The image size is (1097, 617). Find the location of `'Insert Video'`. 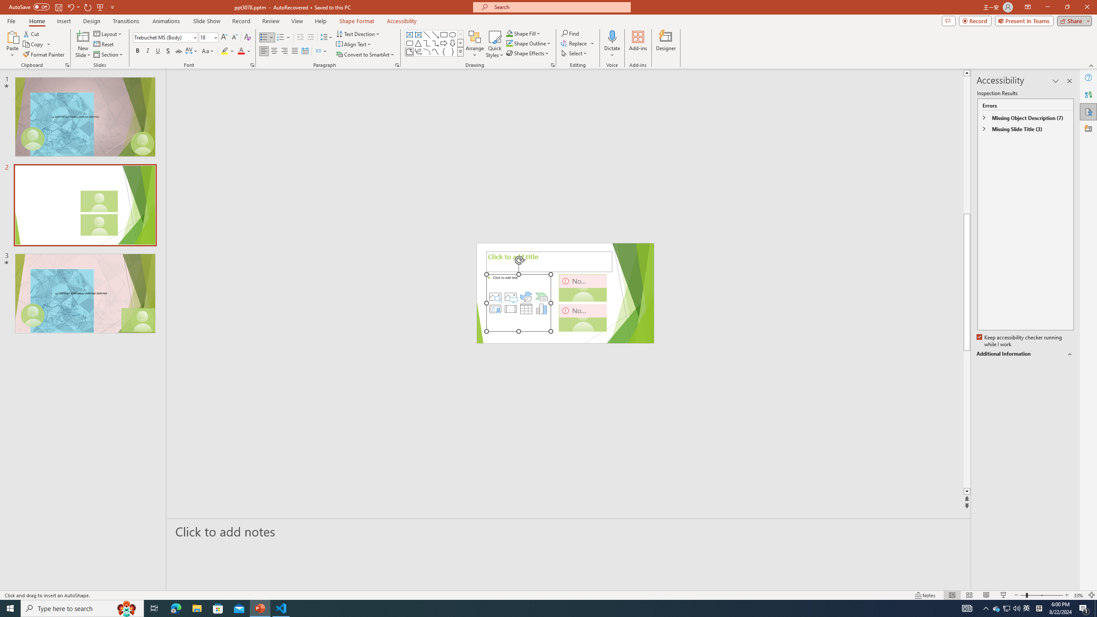

'Insert Video' is located at coordinates (510, 308).